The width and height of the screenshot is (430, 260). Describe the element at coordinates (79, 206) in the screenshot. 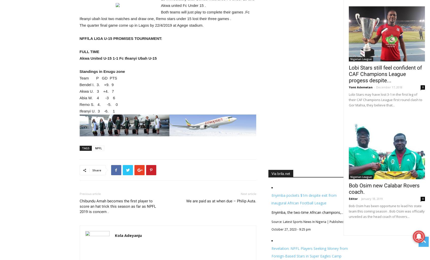

I see `'Chibundu Amah becomes the first player to score an hat trick this season as far as NPFL 2019 is concern .'` at that location.